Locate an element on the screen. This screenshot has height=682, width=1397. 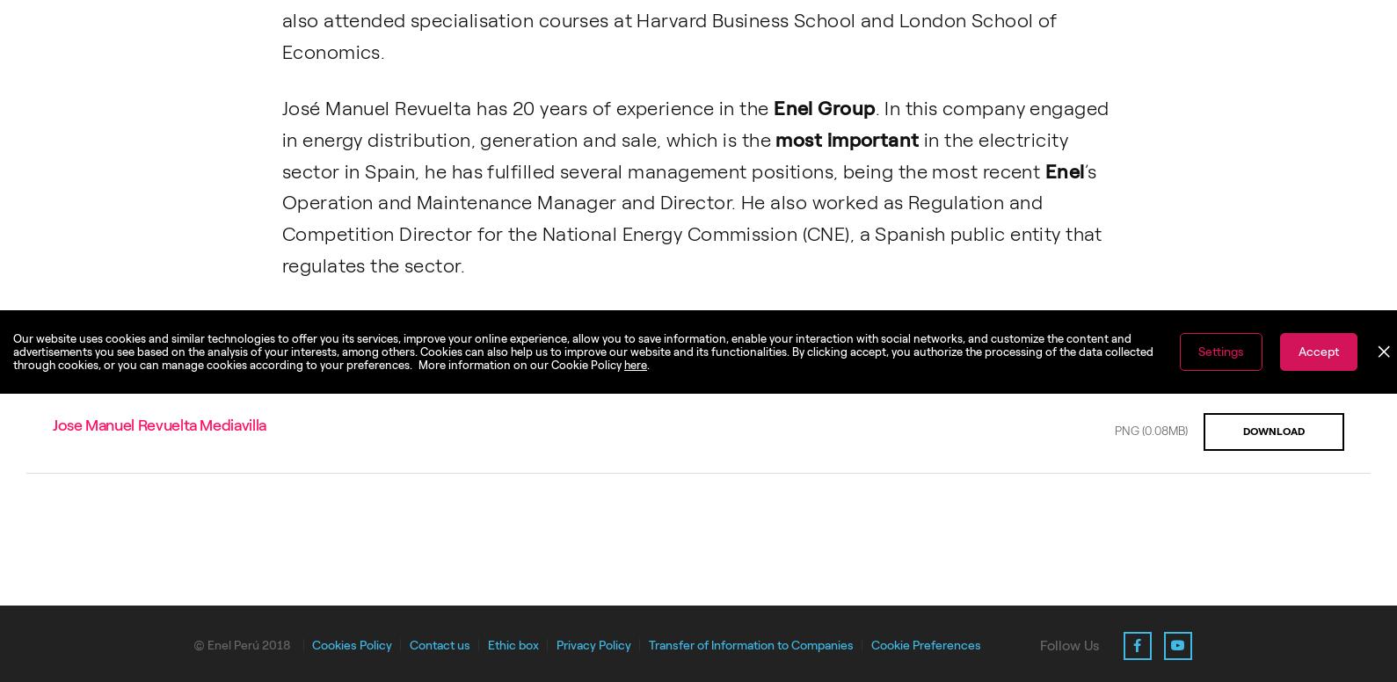
'Ethic box' is located at coordinates (512, 643).